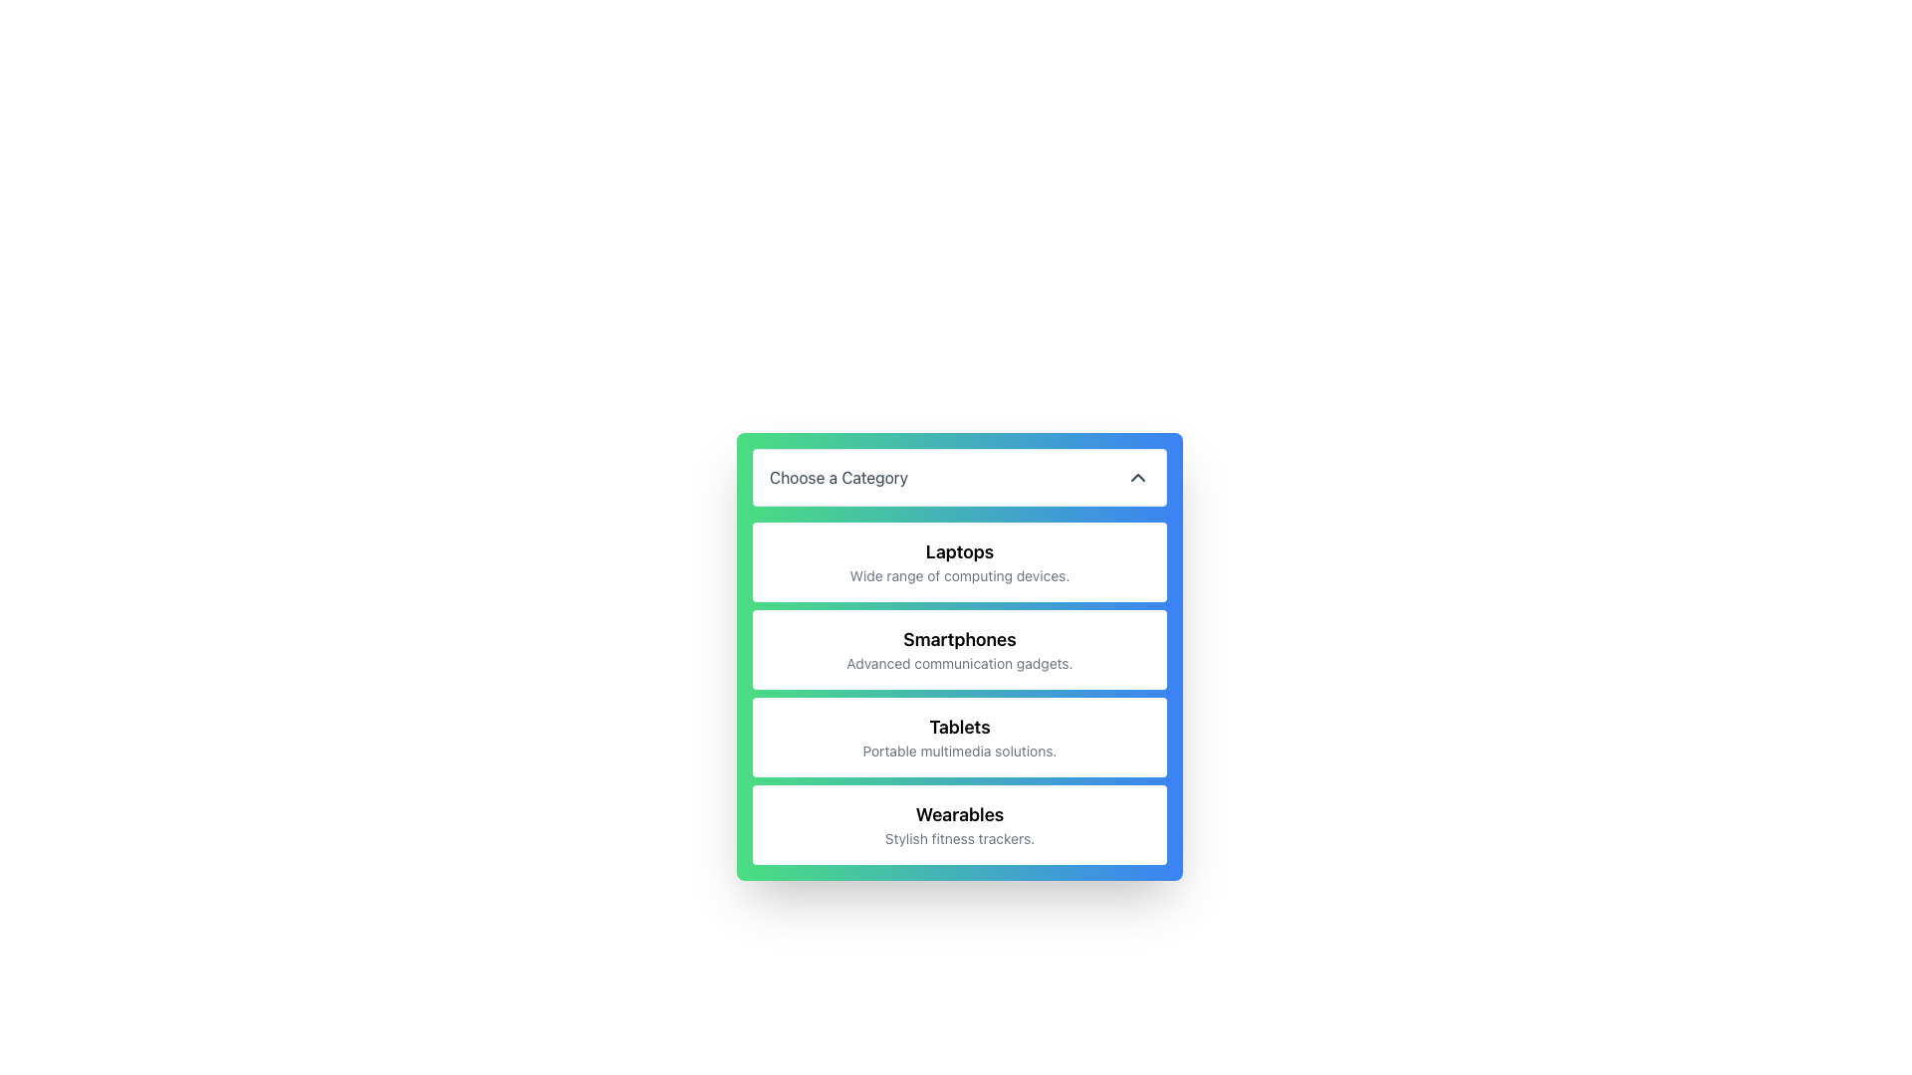  Describe the element at coordinates (960, 728) in the screenshot. I see `the header text indicating the 'Tablets' category, which is positioned above 'Wearables' and below 'Smartphones' in the vertical list of categories` at that location.